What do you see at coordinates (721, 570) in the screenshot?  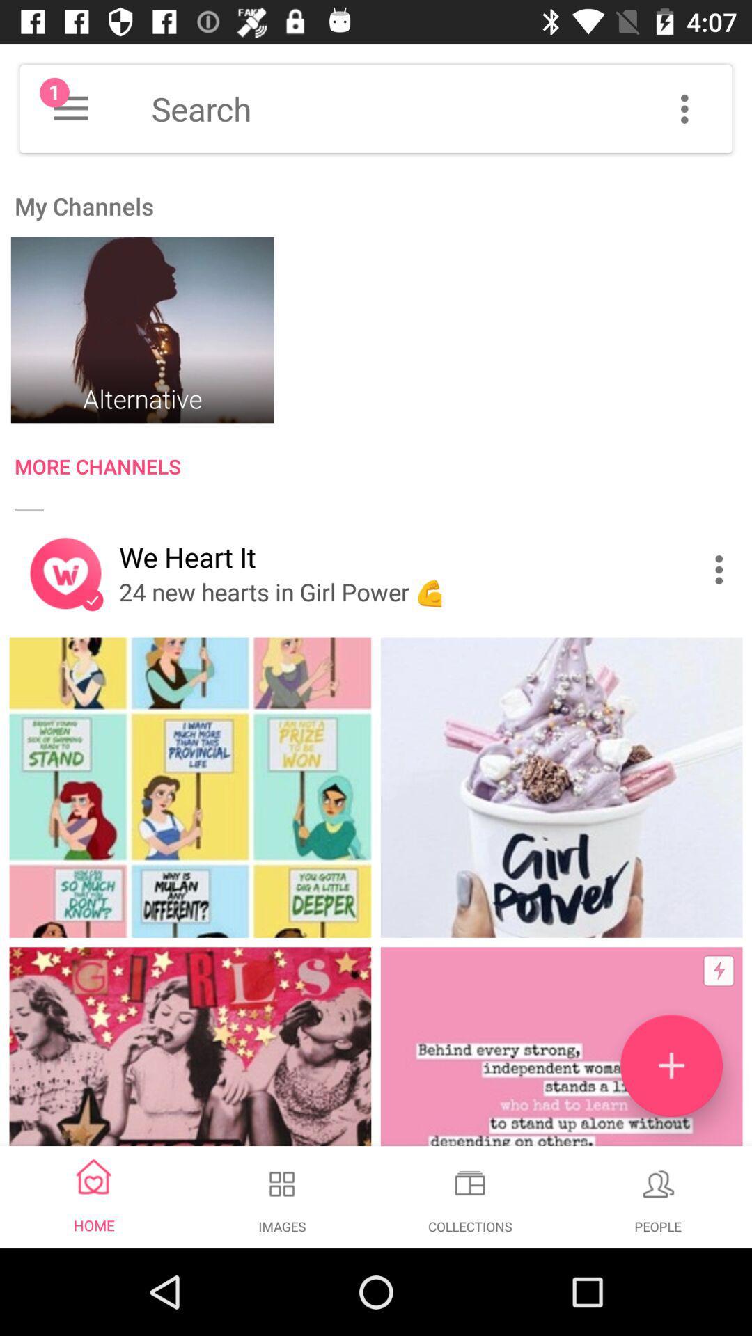 I see `the item next to we heart it icon` at bounding box center [721, 570].